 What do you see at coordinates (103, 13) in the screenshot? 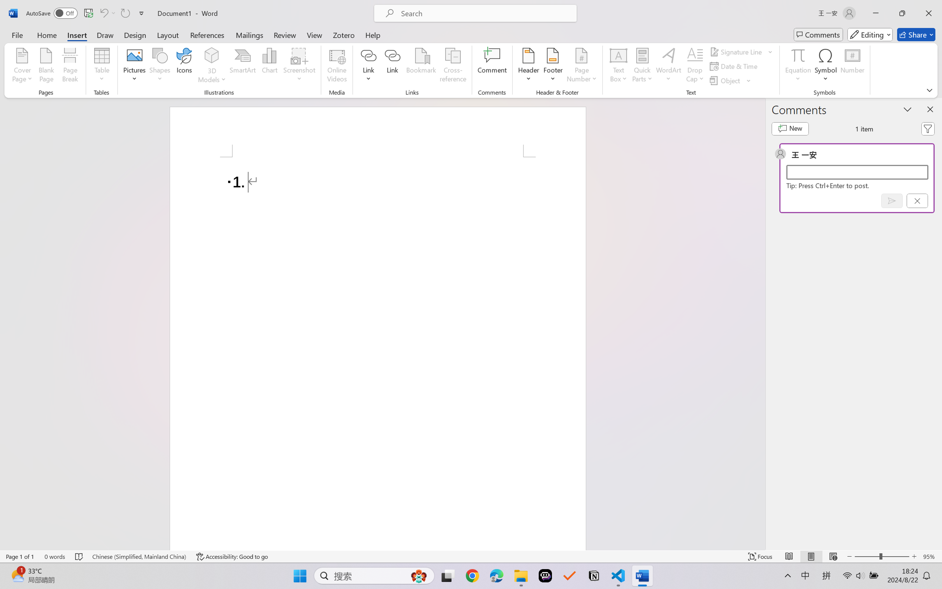
I see `'Undo Number Default'` at bounding box center [103, 13].